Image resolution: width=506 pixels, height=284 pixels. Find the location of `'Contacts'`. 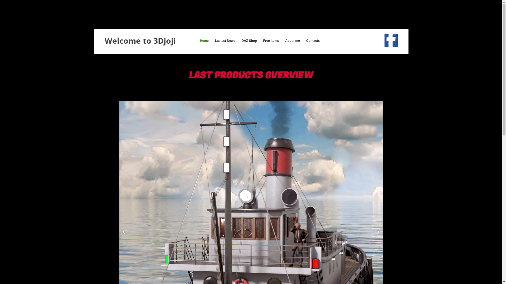

'Contacts' is located at coordinates (313, 40).